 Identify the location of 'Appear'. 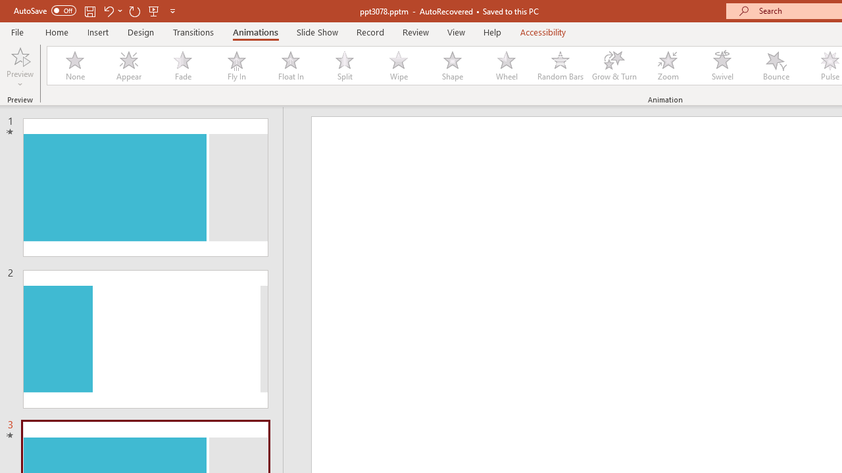
(128, 66).